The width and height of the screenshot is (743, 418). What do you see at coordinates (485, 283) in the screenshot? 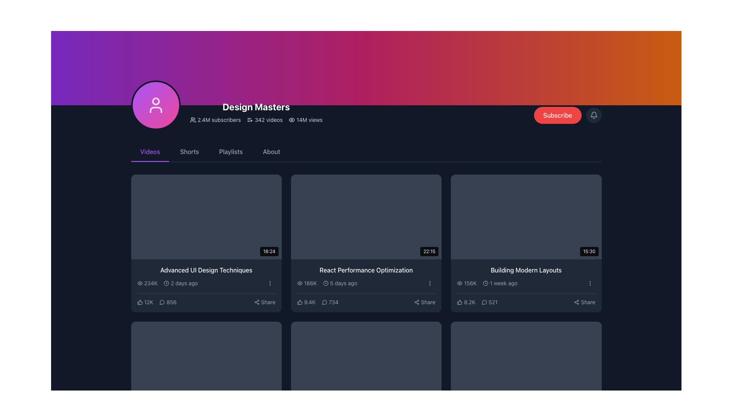
I see `the temporal context icon located next to the '1 week ago' text under the 'Building Modern Layouts' video card in the third column of the top row of the video grid` at bounding box center [485, 283].